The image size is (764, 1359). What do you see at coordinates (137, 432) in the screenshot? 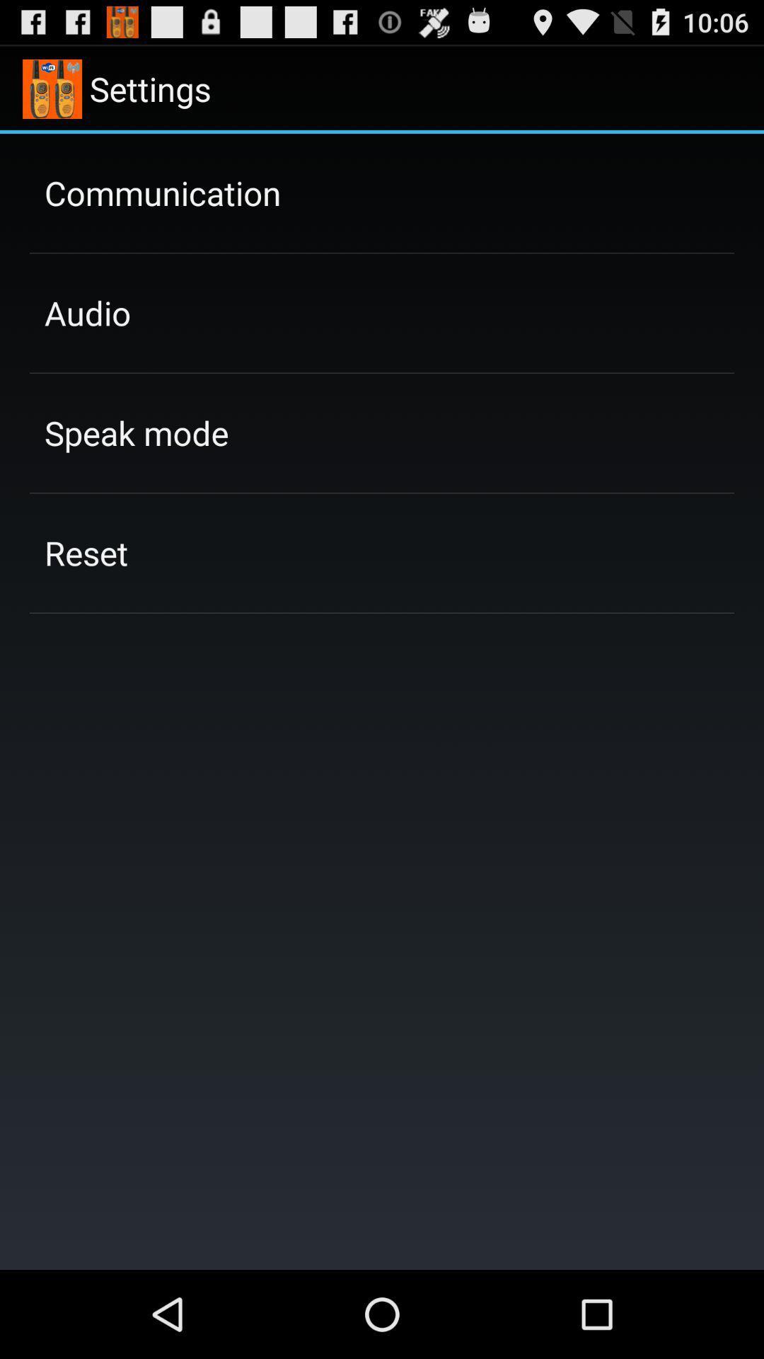
I see `the speak mode item` at bounding box center [137, 432].